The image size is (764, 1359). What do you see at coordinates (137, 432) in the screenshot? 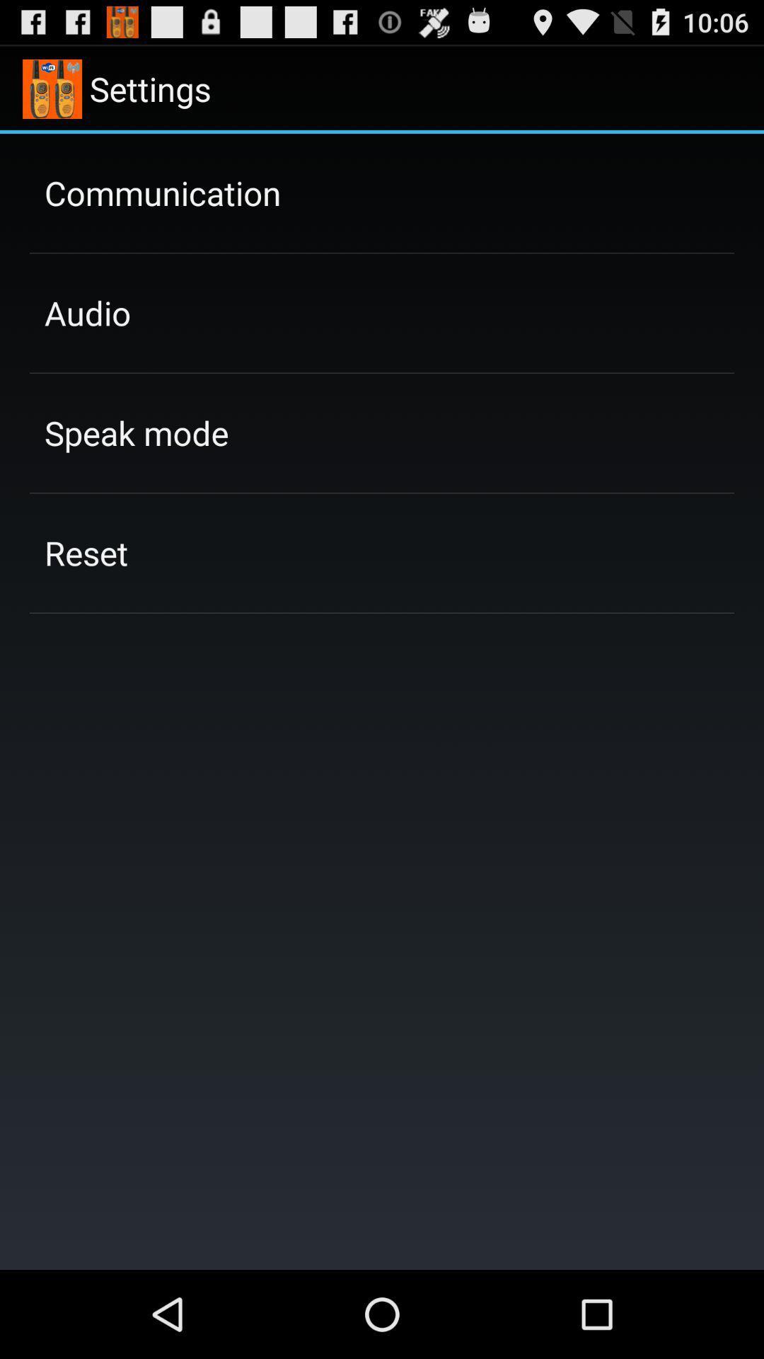
I see `the speak mode item` at bounding box center [137, 432].